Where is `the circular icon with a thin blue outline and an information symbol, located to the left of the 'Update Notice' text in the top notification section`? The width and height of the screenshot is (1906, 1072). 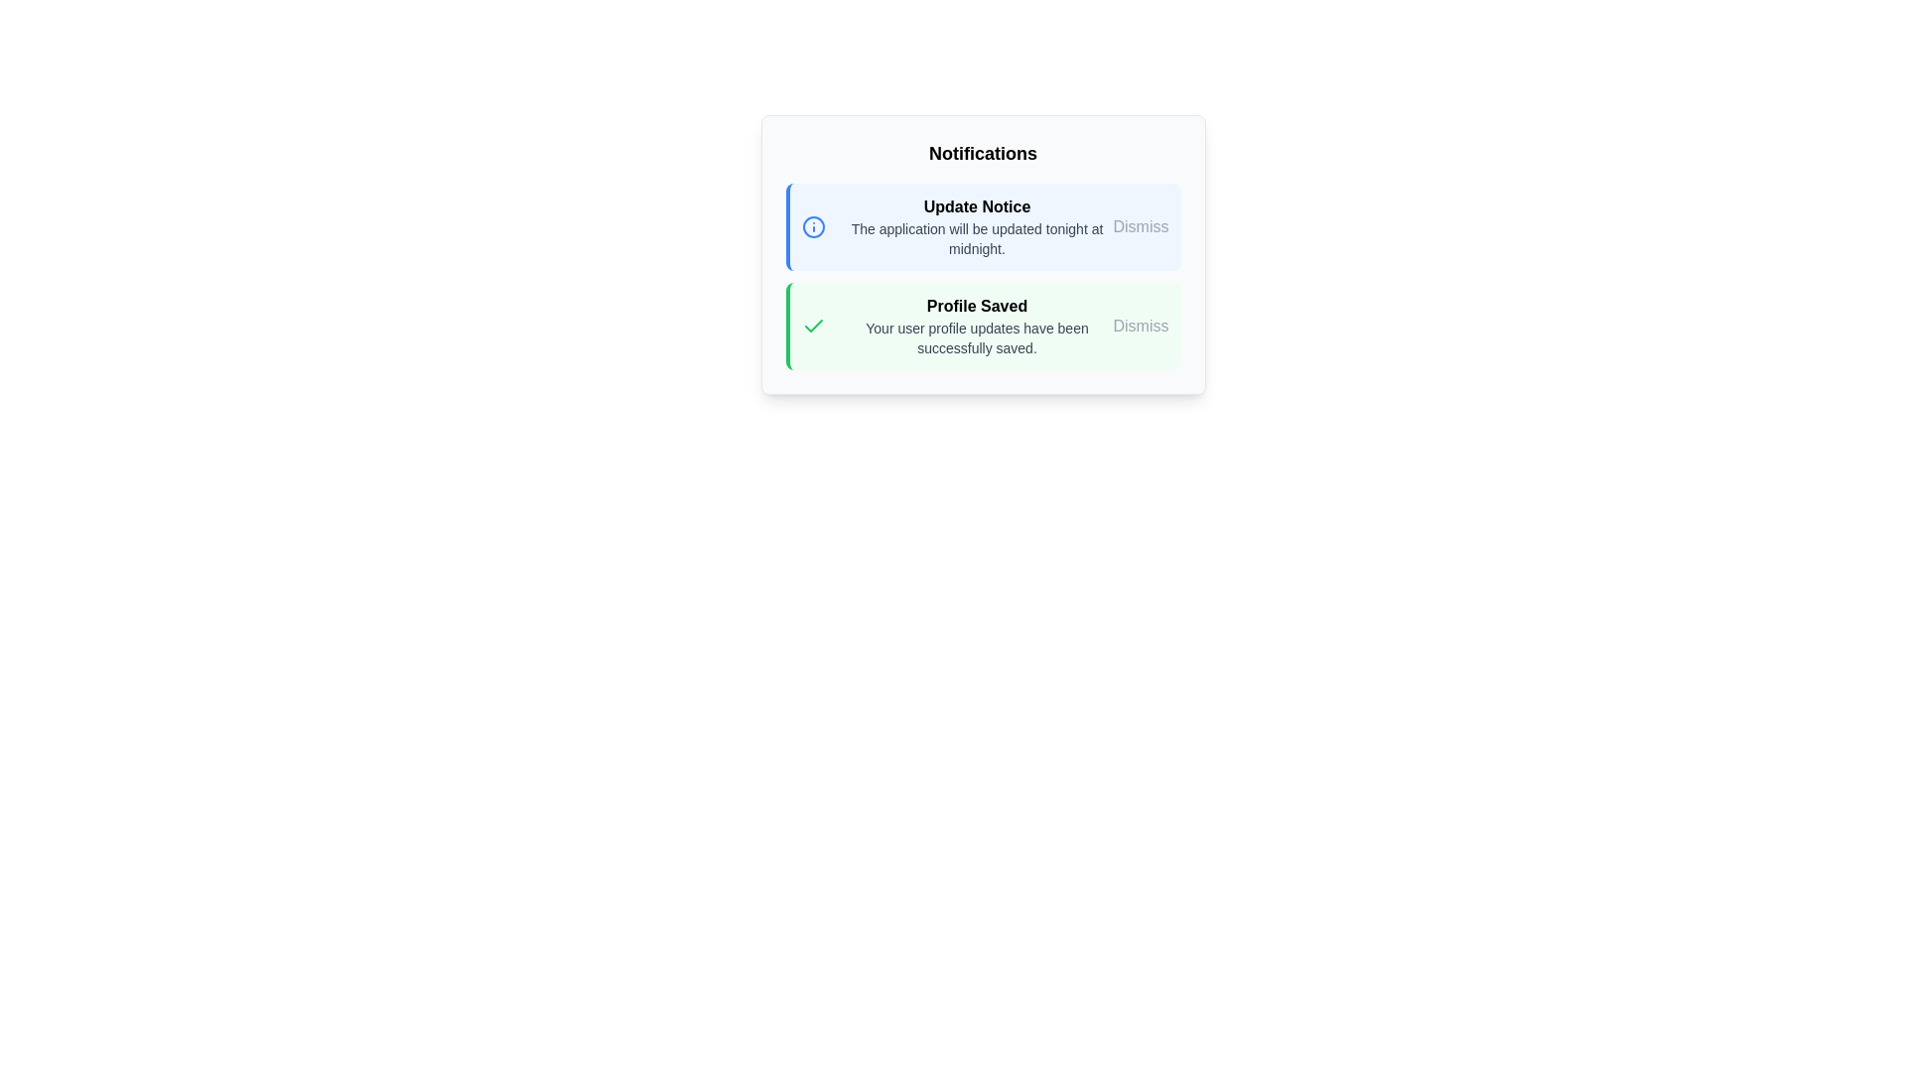
the circular icon with a thin blue outline and an information symbol, located to the left of the 'Update Notice' text in the top notification section is located at coordinates (813, 225).